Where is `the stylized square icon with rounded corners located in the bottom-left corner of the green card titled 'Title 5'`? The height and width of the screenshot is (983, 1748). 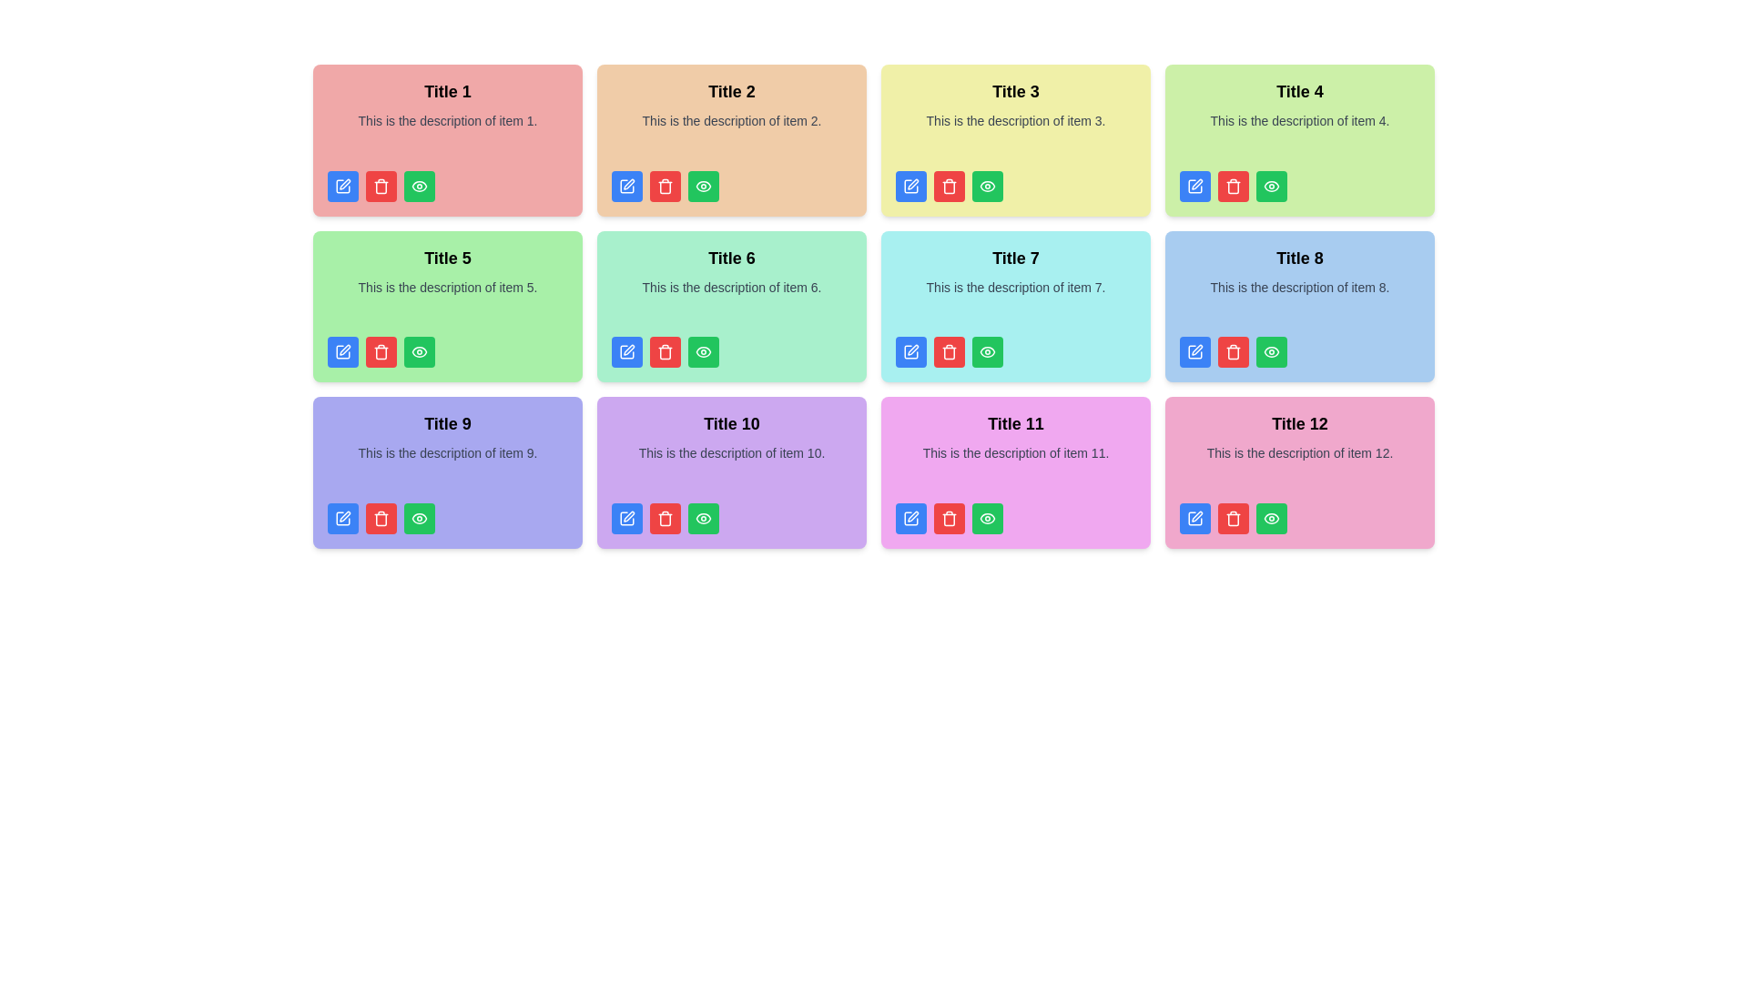 the stylized square icon with rounded corners located in the bottom-left corner of the green card titled 'Title 5' is located at coordinates (627, 351).